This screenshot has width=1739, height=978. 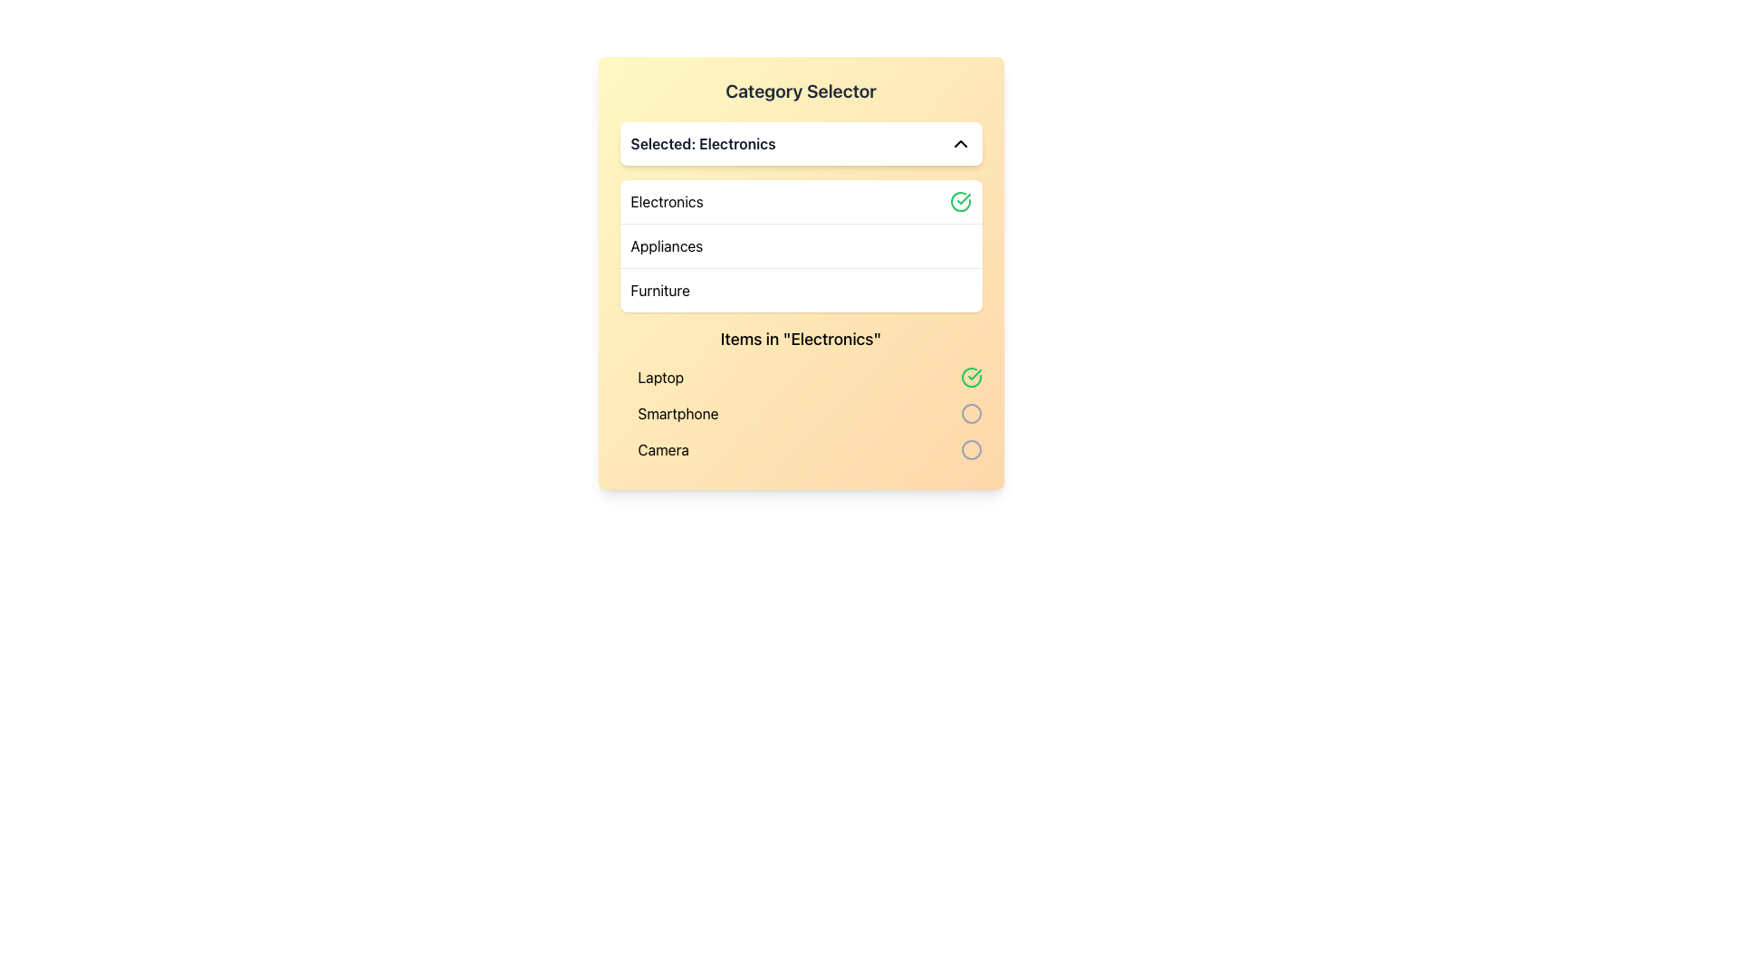 What do you see at coordinates (677, 413) in the screenshot?
I see `the second text label in the list of electronics under 'Items in "Electronics"', which is located between 'Laptop' and 'Camera'` at bounding box center [677, 413].